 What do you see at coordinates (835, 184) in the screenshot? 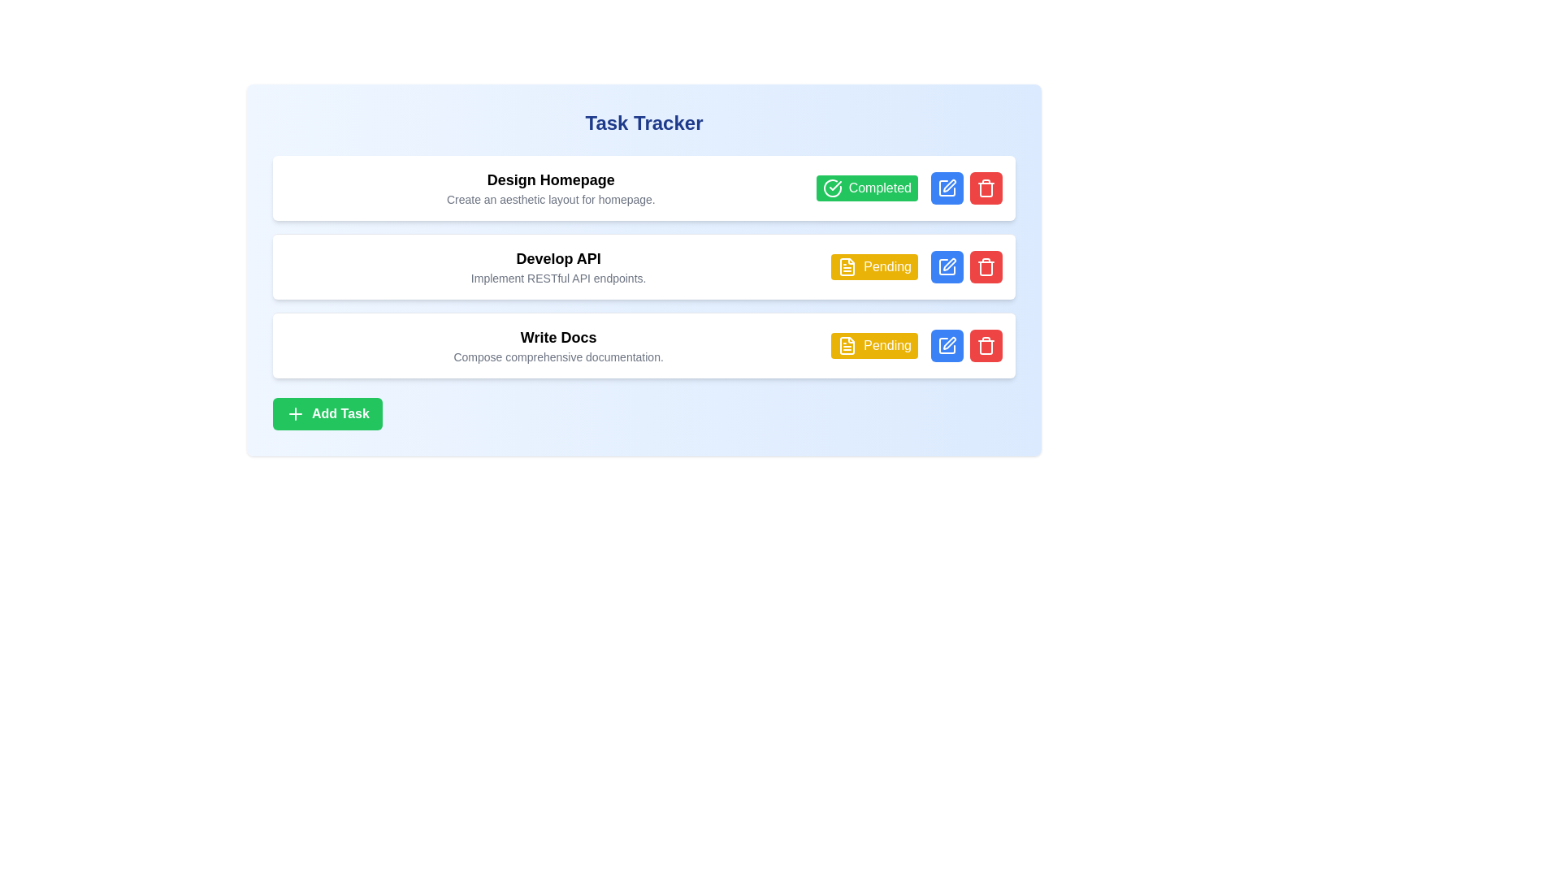
I see `the green checkmark icon within the circular completion indicator for the first task labeled 'Design Homepage'` at bounding box center [835, 184].